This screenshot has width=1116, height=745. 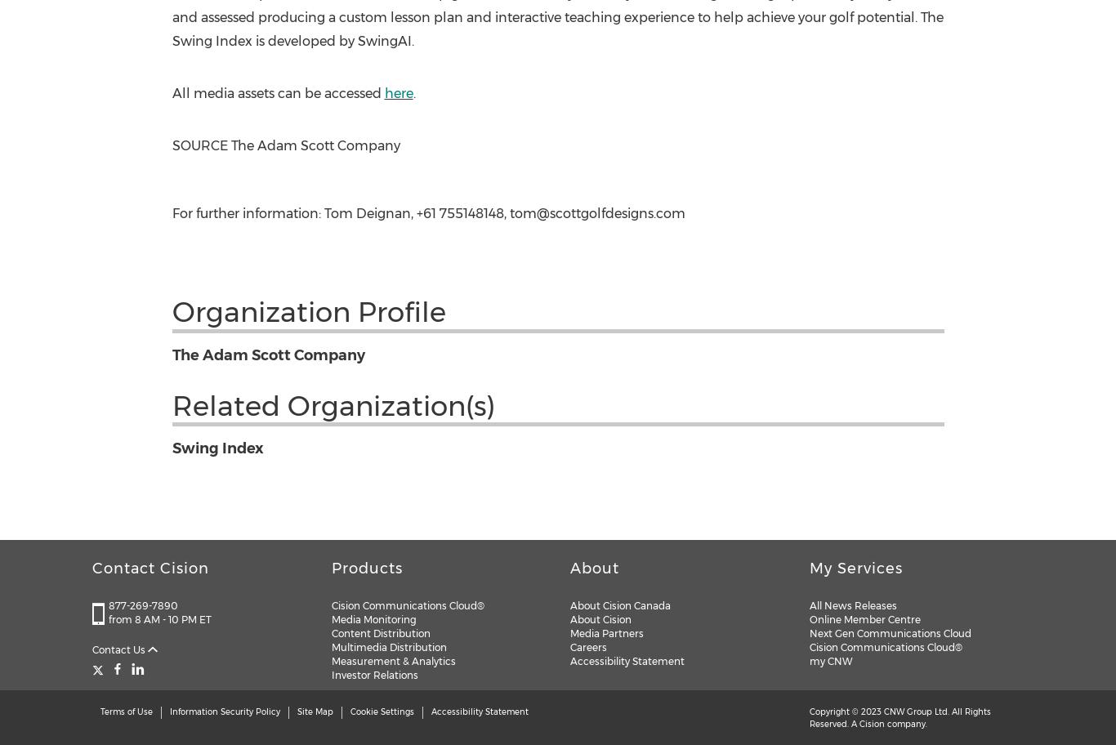 What do you see at coordinates (606, 632) in the screenshot?
I see `'Media Partners'` at bounding box center [606, 632].